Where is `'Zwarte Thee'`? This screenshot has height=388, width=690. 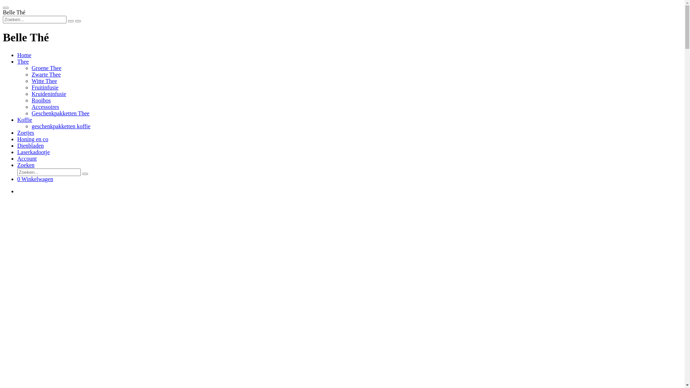 'Zwarte Thee' is located at coordinates (46, 74).